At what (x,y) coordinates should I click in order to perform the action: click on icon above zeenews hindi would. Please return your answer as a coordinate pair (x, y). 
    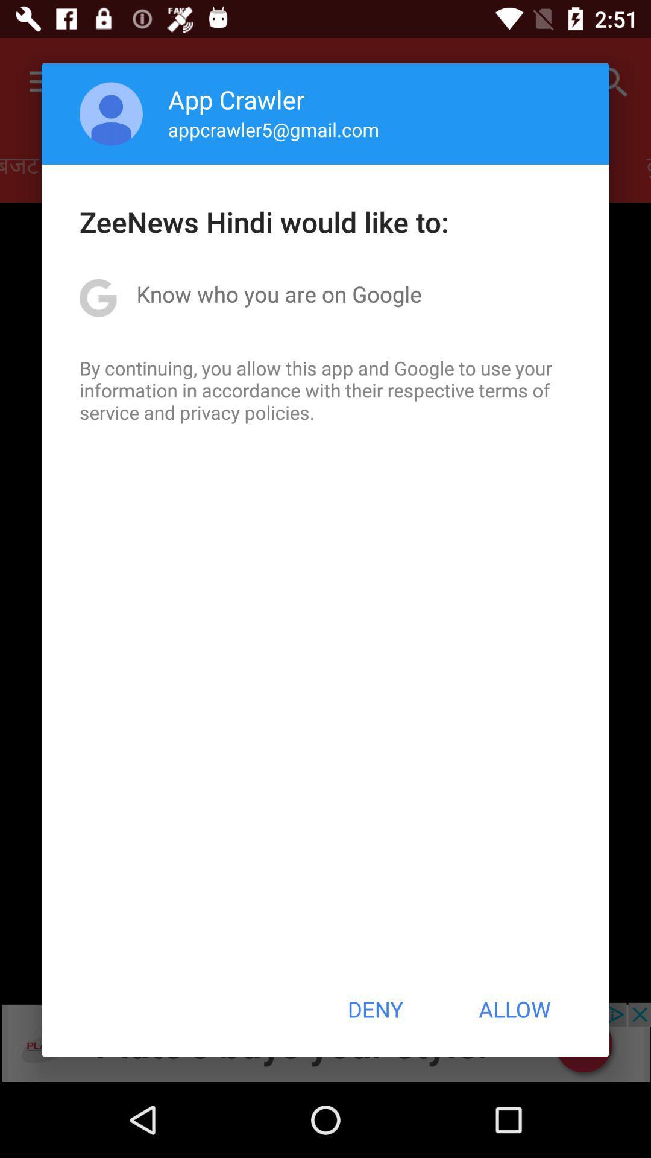
    Looking at the image, I should click on (111, 113).